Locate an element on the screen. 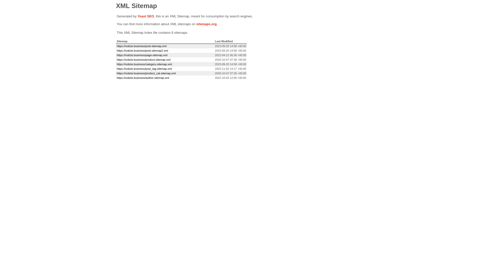 This screenshot has width=484, height=272. 'sitemaps.org' is located at coordinates (196, 24).